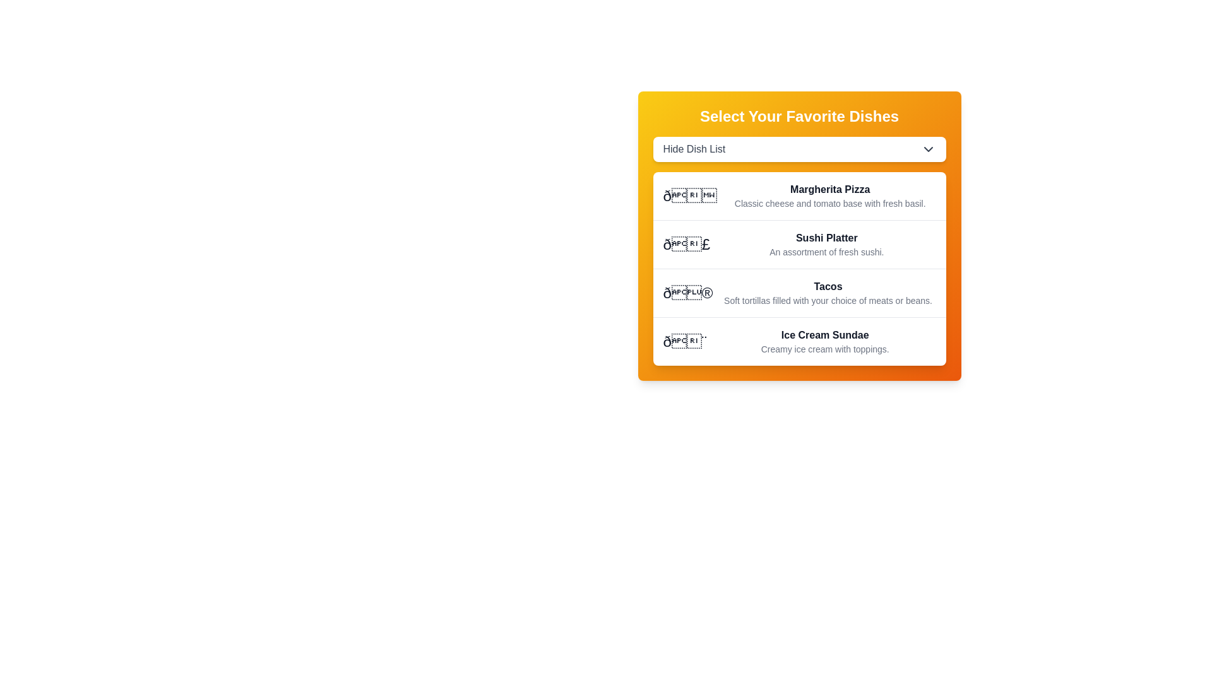  Describe the element at coordinates (828, 287) in the screenshot. I see `the 'Tacos' text element, which is the third item in the 'Select Your Favorite Dishes' panel, positioned between 'Sushi Platter' and 'Ice Cream Sundae'` at that location.